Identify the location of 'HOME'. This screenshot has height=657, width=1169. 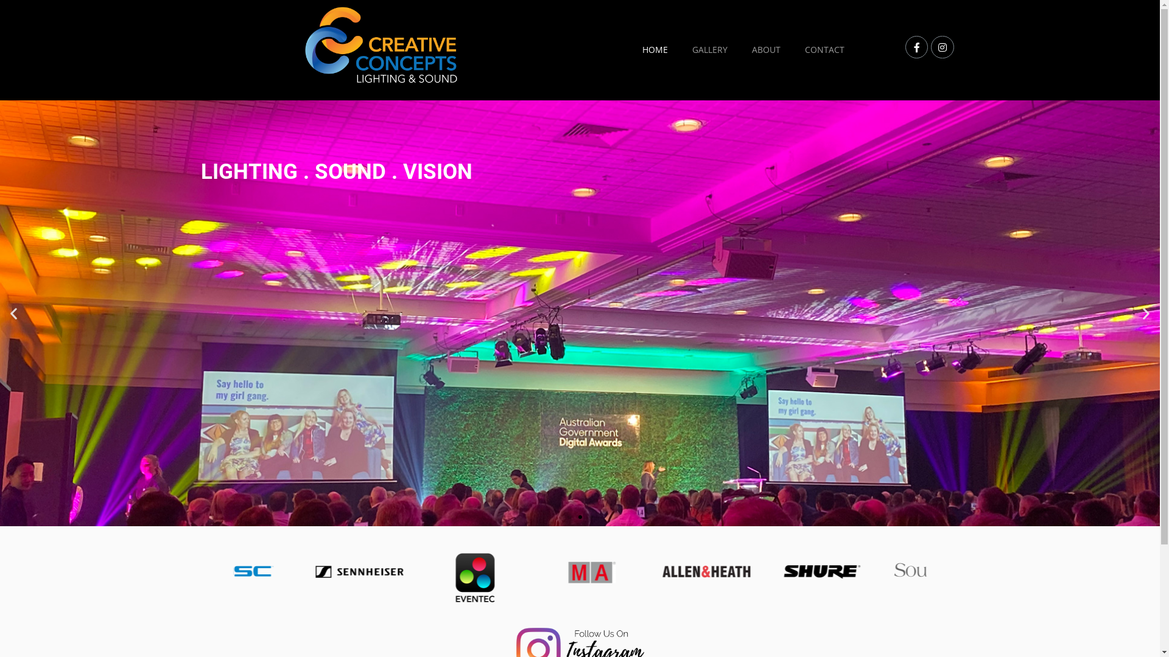
(654, 49).